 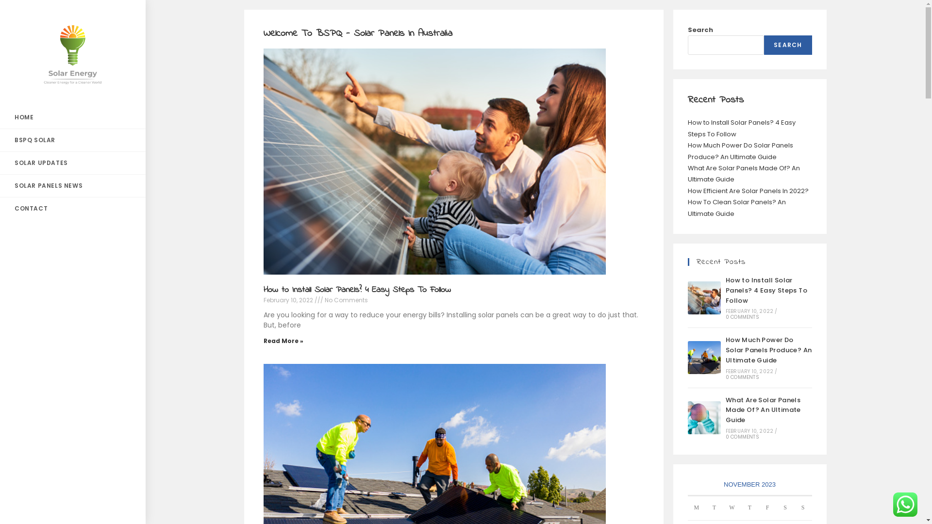 What do you see at coordinates (787, 45) in the screenshot?
I see `'SEARCH'` at bounding box center [787, 45].